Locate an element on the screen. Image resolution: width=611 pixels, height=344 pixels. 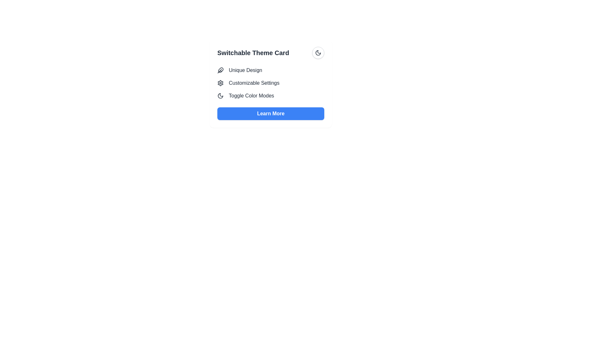
the gear icon representing 'Customizable Settings', located to the left of the text label for accessing settings options is located at coordinates (220, 83).